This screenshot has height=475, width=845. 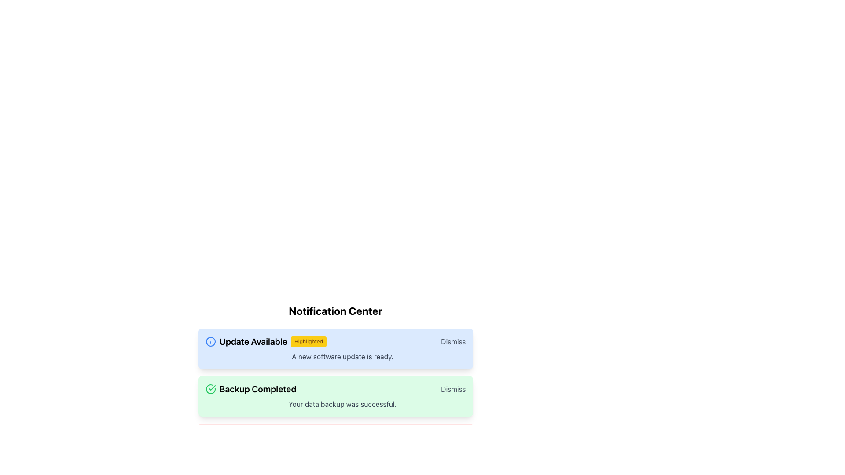 What do you see at coordinates (453, 341) in the screenshot?
I see `the Link button located at the far right of the 'Update Available' notification card to change its color to a darker shade` at bounding box center [453, 341].